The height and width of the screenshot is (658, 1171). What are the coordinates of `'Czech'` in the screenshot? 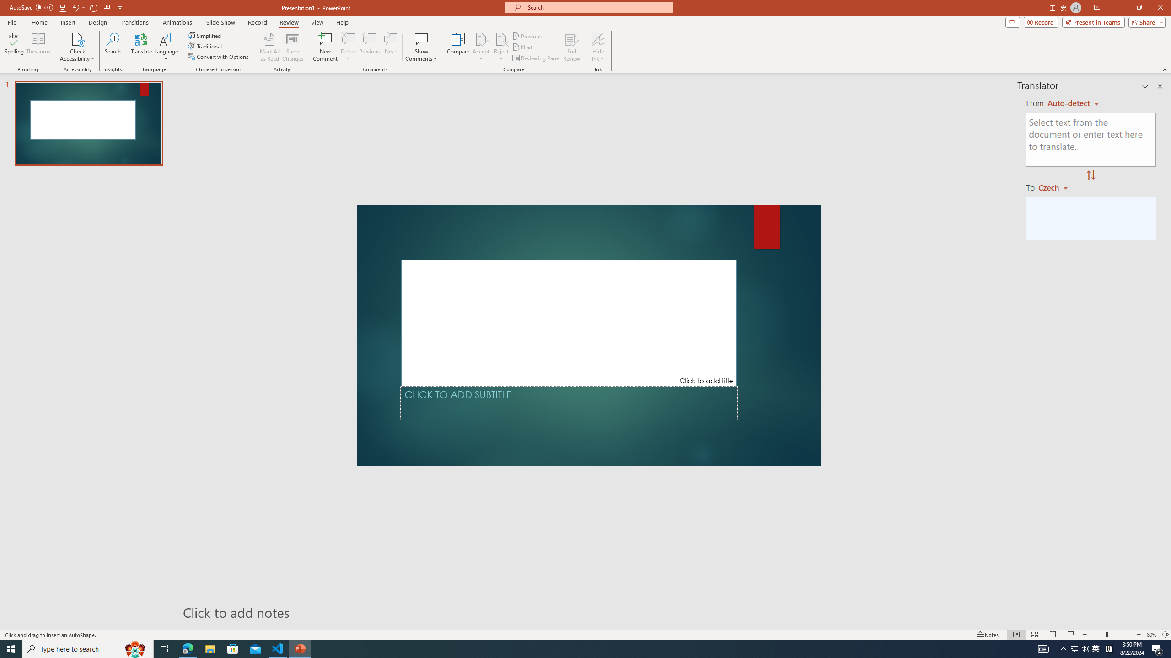 It's located at (1057, 187).